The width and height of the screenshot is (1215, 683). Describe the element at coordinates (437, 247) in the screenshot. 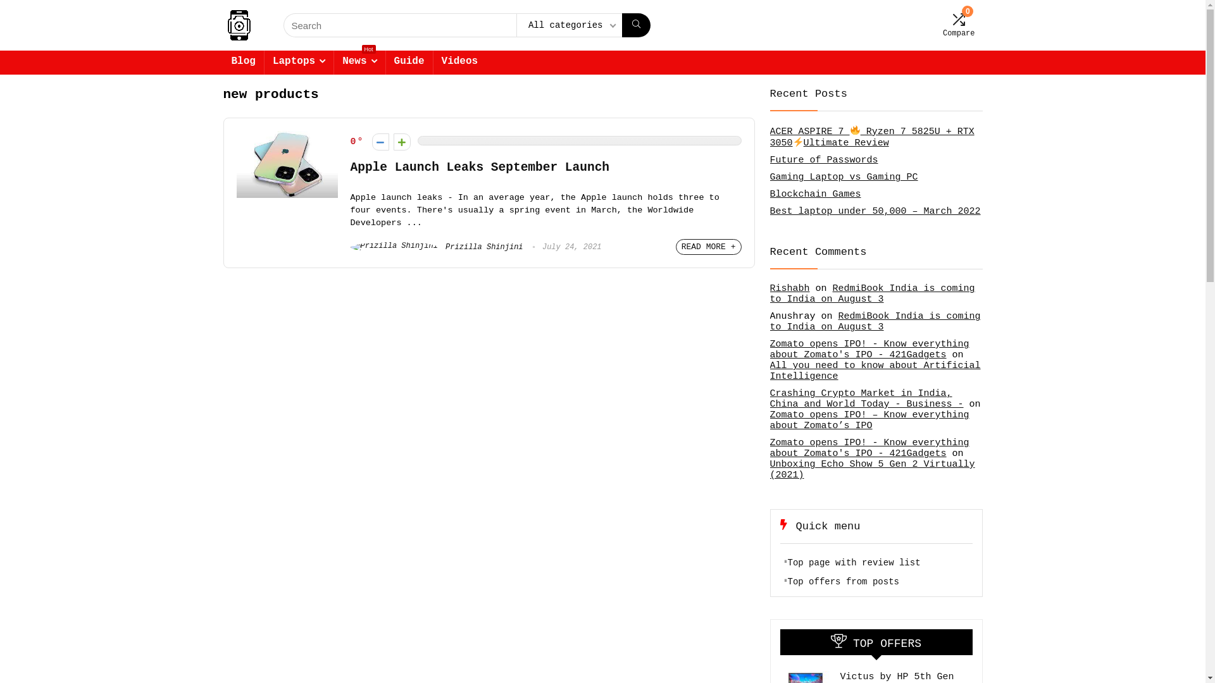

I see `'Prizilla Shinjini'` at that location.